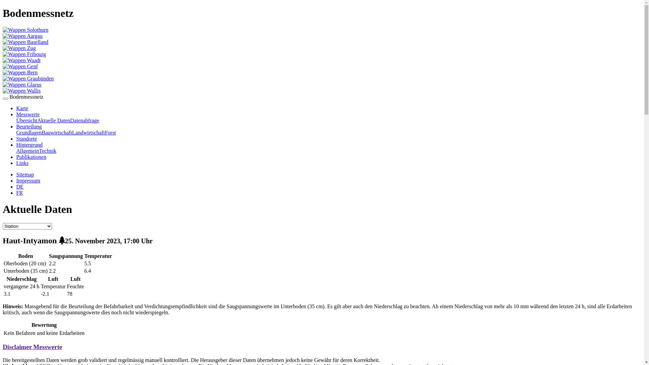 The height and width of the screenshot is (365, 649). What do you see at coordinates (29, 144) in the screenshot?
I see `'Hintergrund'` at bounding box center [29, 144].